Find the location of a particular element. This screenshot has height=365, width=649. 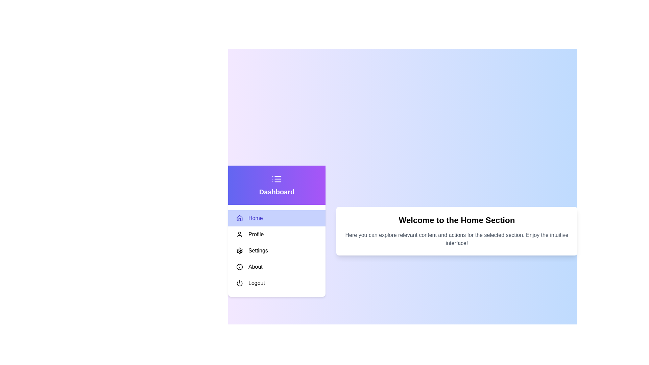

the menu item Home to highlight it is located at coordinates (277, 218).